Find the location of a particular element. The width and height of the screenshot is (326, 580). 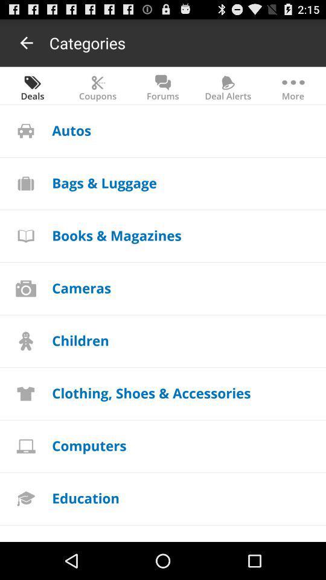

the bags & luggage is located at coordinates (104, 182).